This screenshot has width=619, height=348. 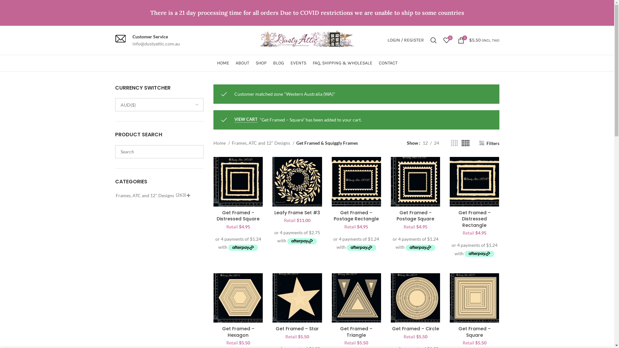 I want to click on '24', so click(x=436, y=142).